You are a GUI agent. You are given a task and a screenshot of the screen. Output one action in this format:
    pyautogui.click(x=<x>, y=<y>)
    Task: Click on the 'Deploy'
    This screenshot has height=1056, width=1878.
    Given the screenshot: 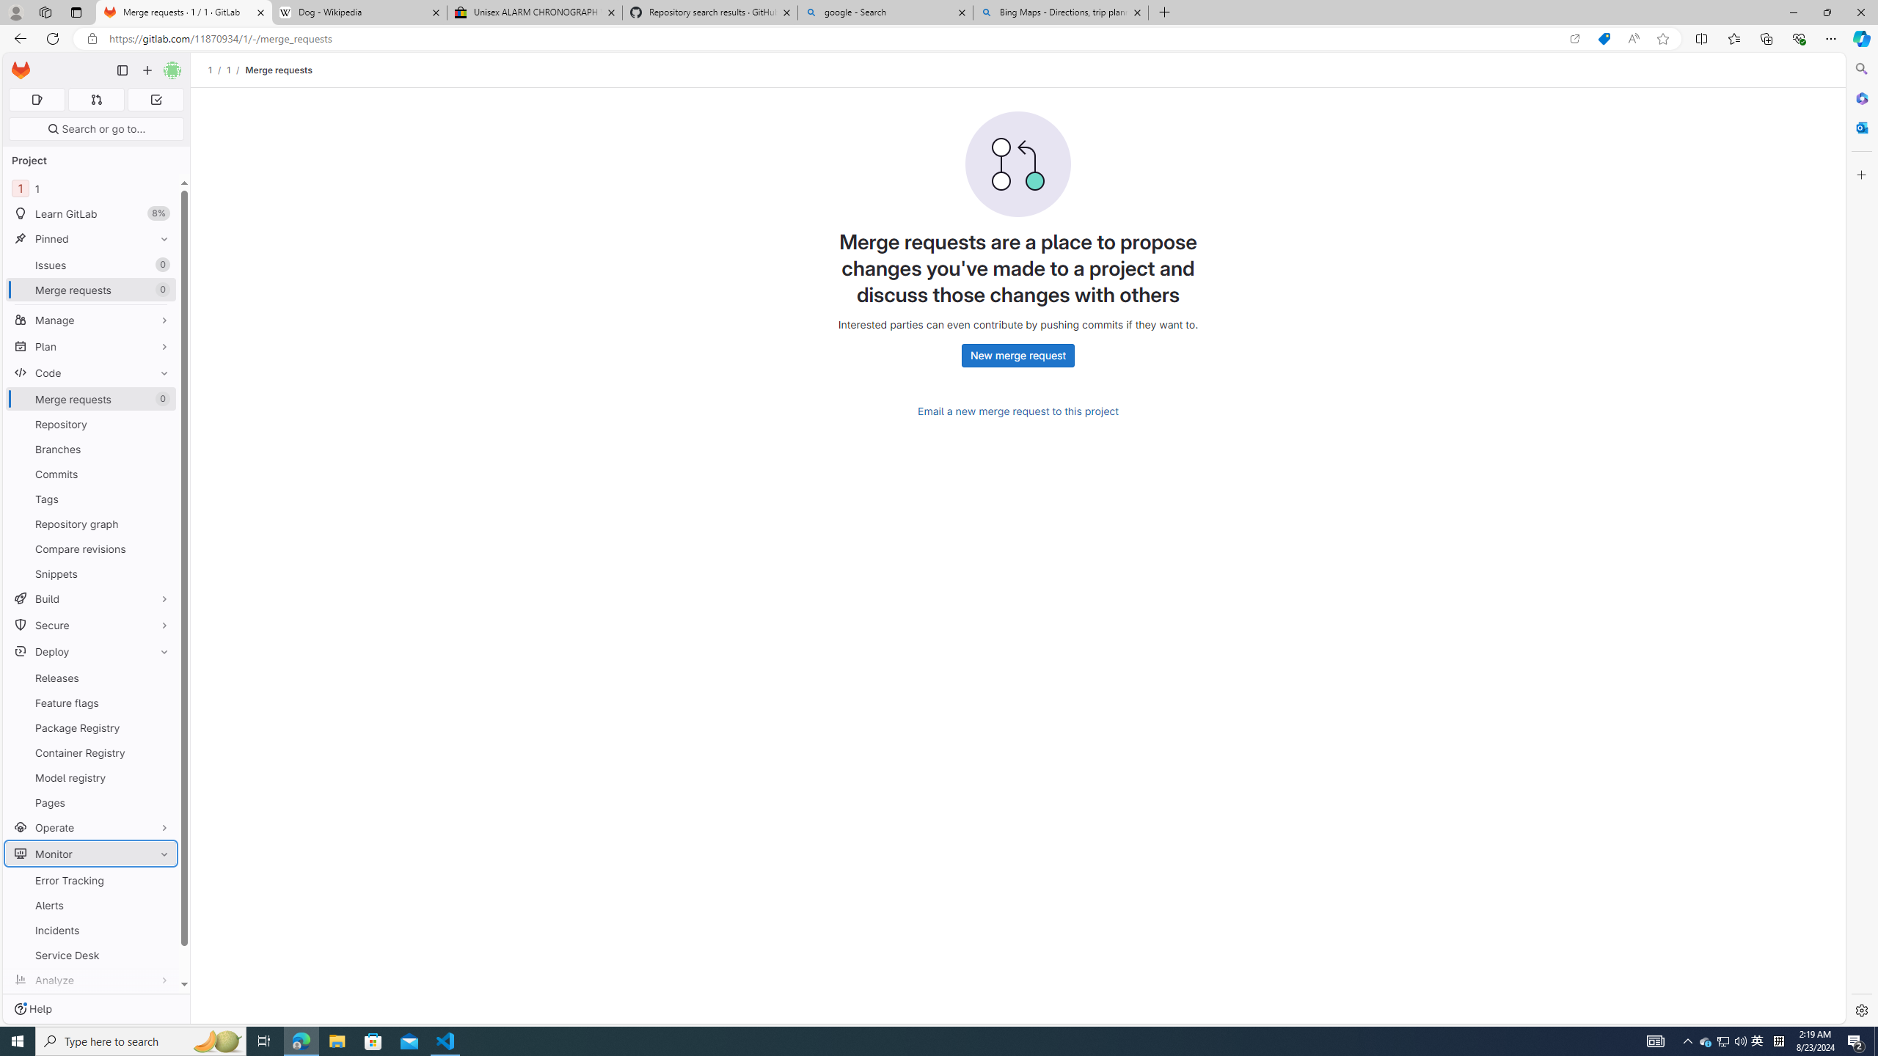 What is the action you would take?
    pyautogui.click(x=90, y=651)
    